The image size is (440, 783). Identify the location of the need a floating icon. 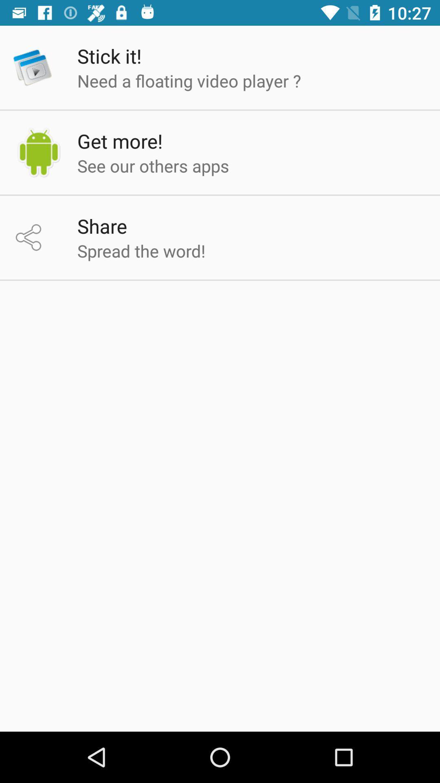
(189, 80).